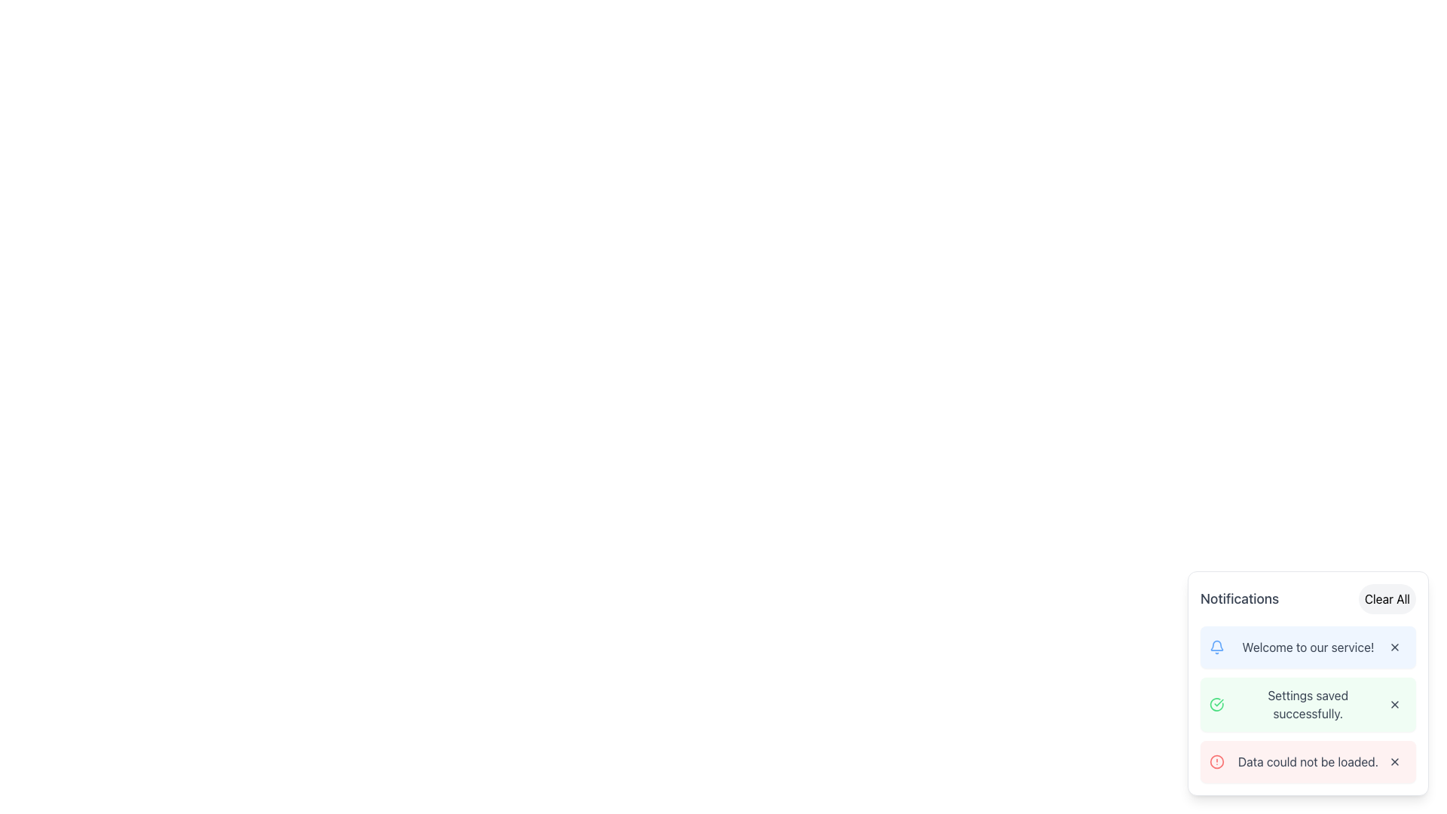 The height and width of the screenshot is (814, 1447). I want to click on message displayed in the text label that says 'Data could not be loaded.' This label is located within the last notification entry in the notification panel, styled in gray and positioned next to a red circular icon, so click(1308, 761).